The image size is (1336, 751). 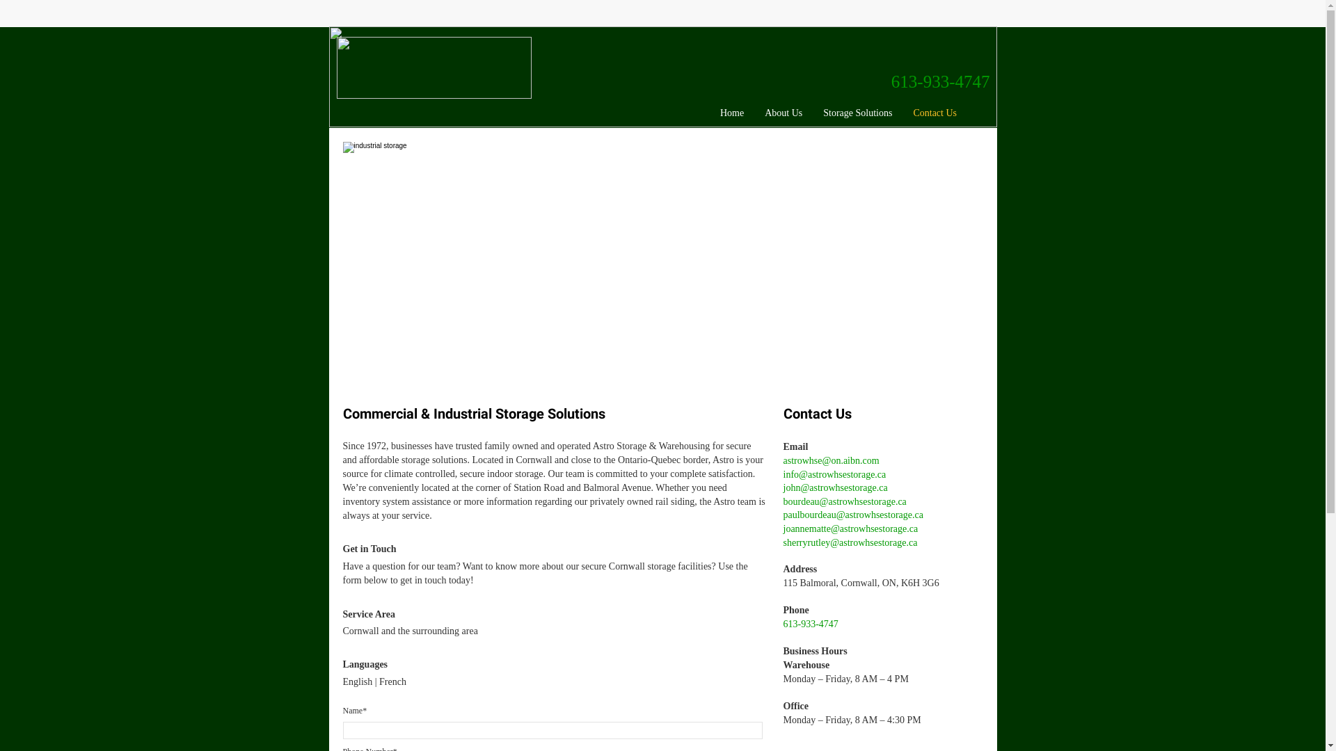 I want to click on 'Embedded Content', so click(x=978, y=18).